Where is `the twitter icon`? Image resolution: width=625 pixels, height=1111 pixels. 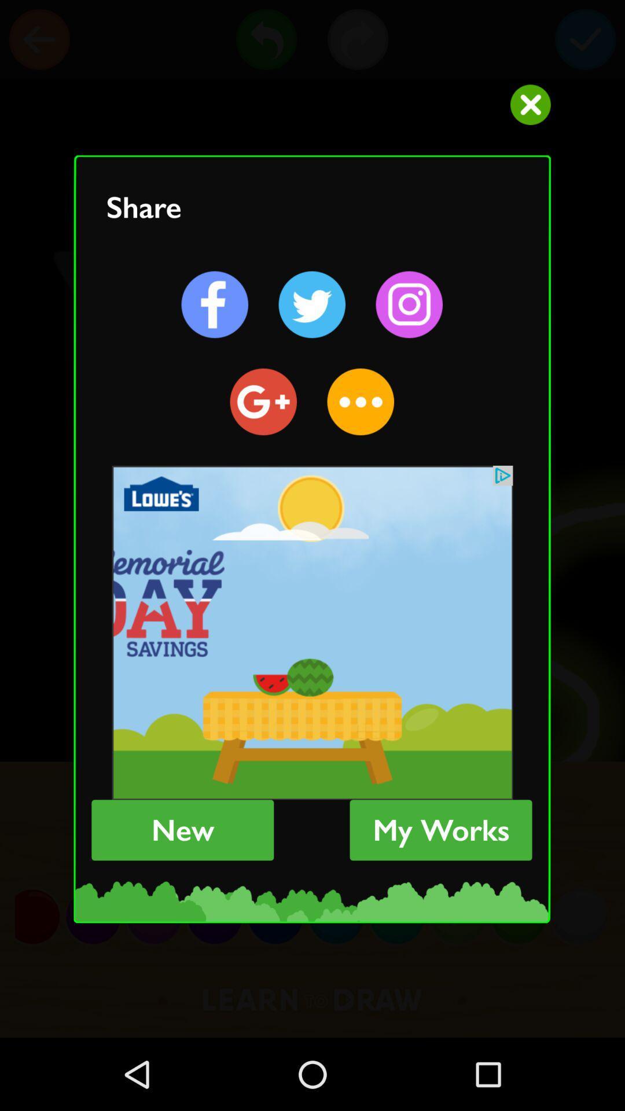 the twitter icon is located at coordinates (311, 304).